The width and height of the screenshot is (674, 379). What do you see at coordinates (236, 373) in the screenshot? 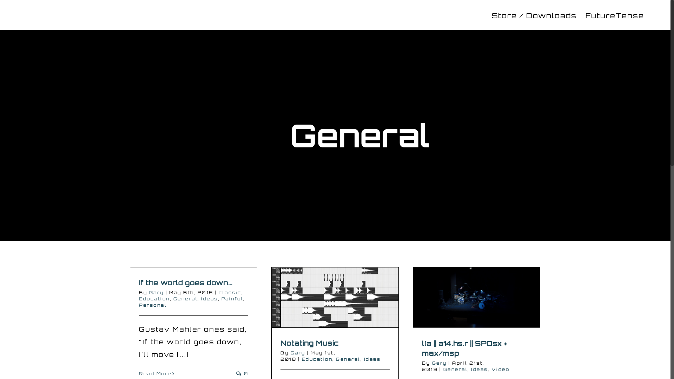
I see `' 0'` at bounding box center [236, 373].